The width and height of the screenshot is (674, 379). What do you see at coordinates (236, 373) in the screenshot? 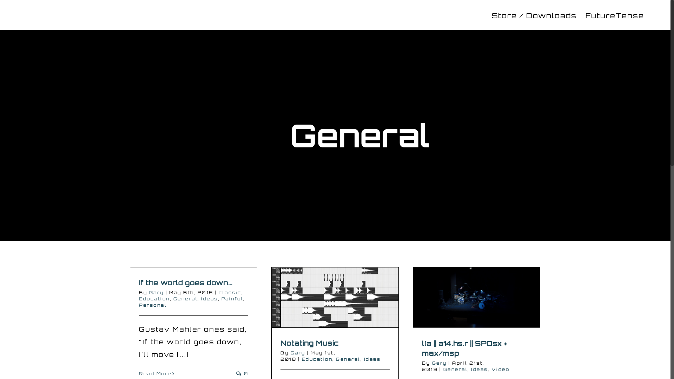
I see `' 0'` at bounding box center [236, 373].